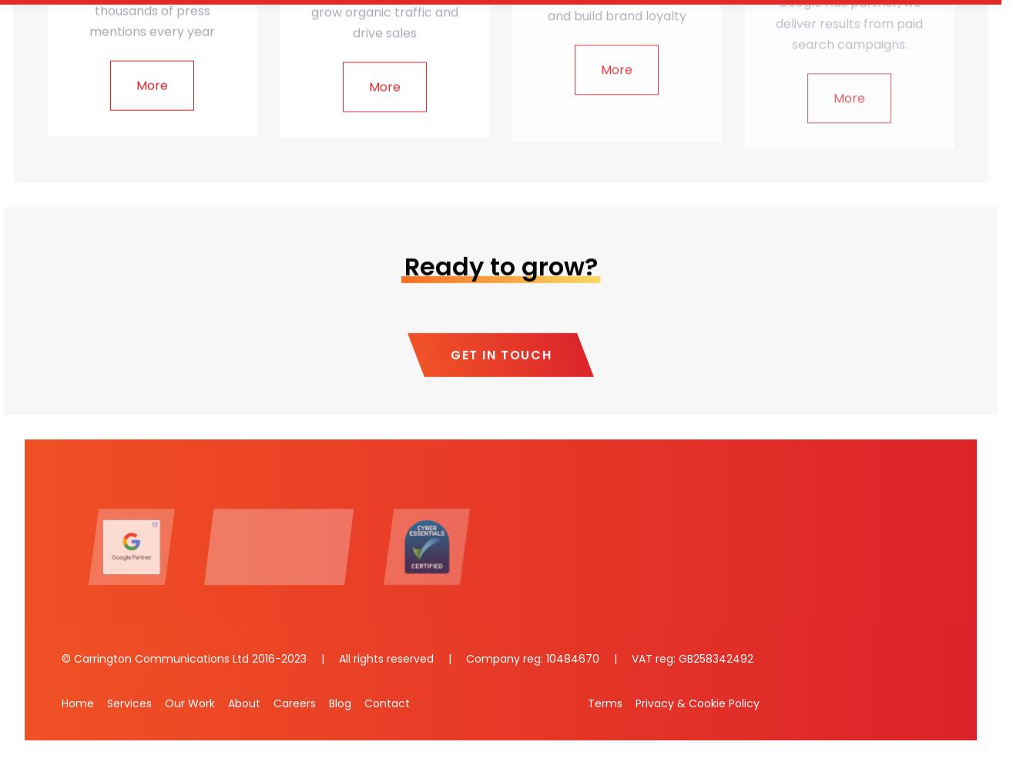 The width and height of the screenshot is (1013, 765). Describe the element at coordinates (186, 658) in the screenshot. I see `'© Carrington Communications Ltd 2016-2023'` at that location.